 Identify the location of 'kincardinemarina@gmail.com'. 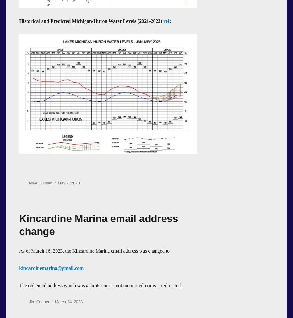
(19, 268).